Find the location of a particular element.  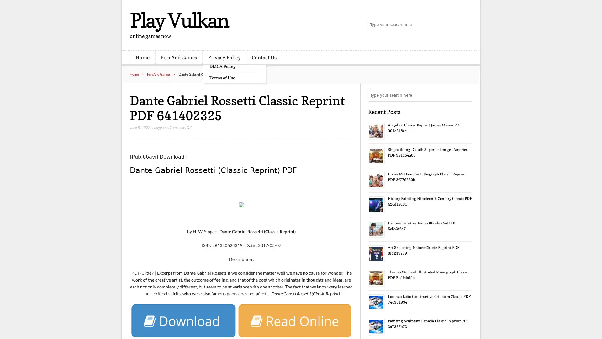

Search is located at coordinates (466, 25).